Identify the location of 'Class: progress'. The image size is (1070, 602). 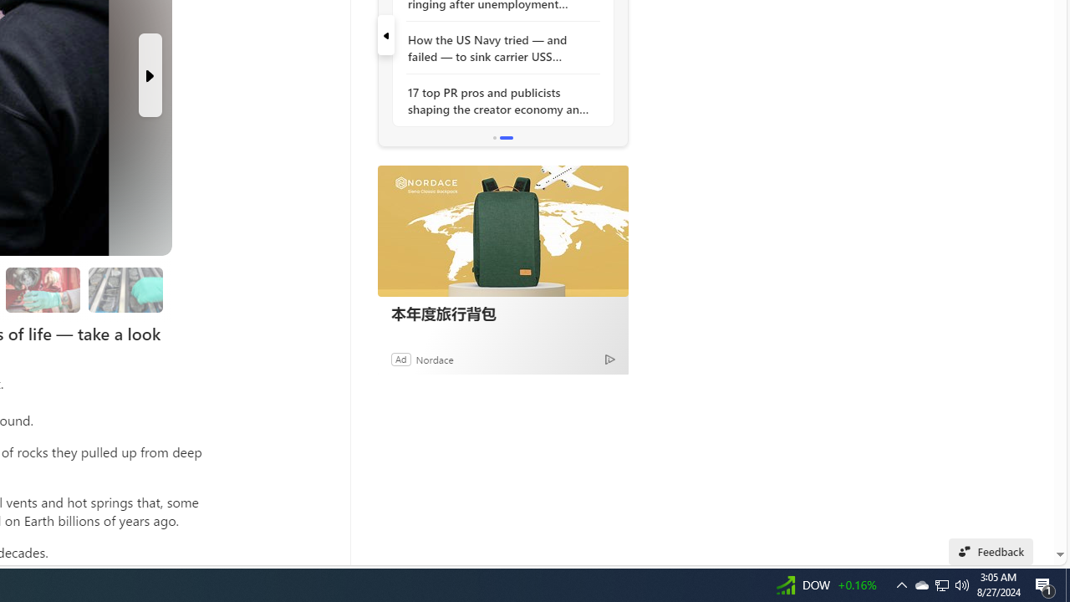
(125, 286).